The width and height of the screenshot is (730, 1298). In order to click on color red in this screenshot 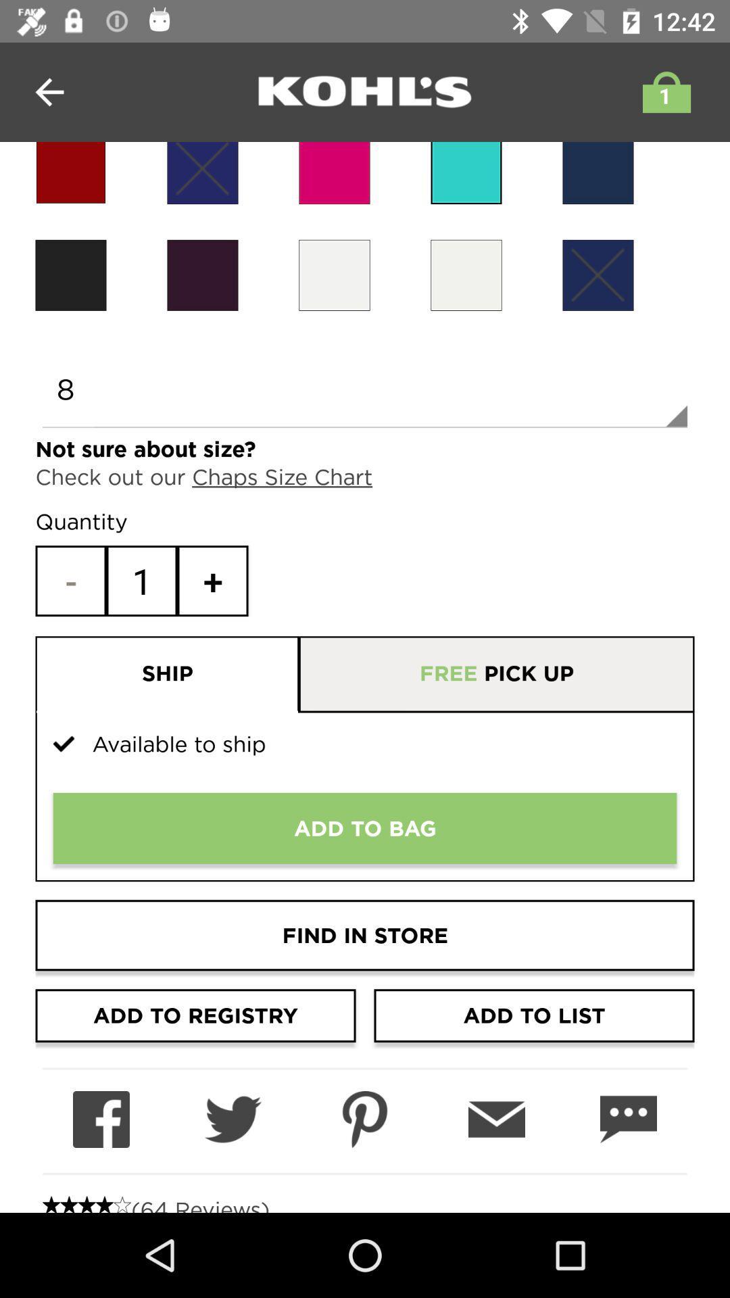, I will do `click(70, 172)`.